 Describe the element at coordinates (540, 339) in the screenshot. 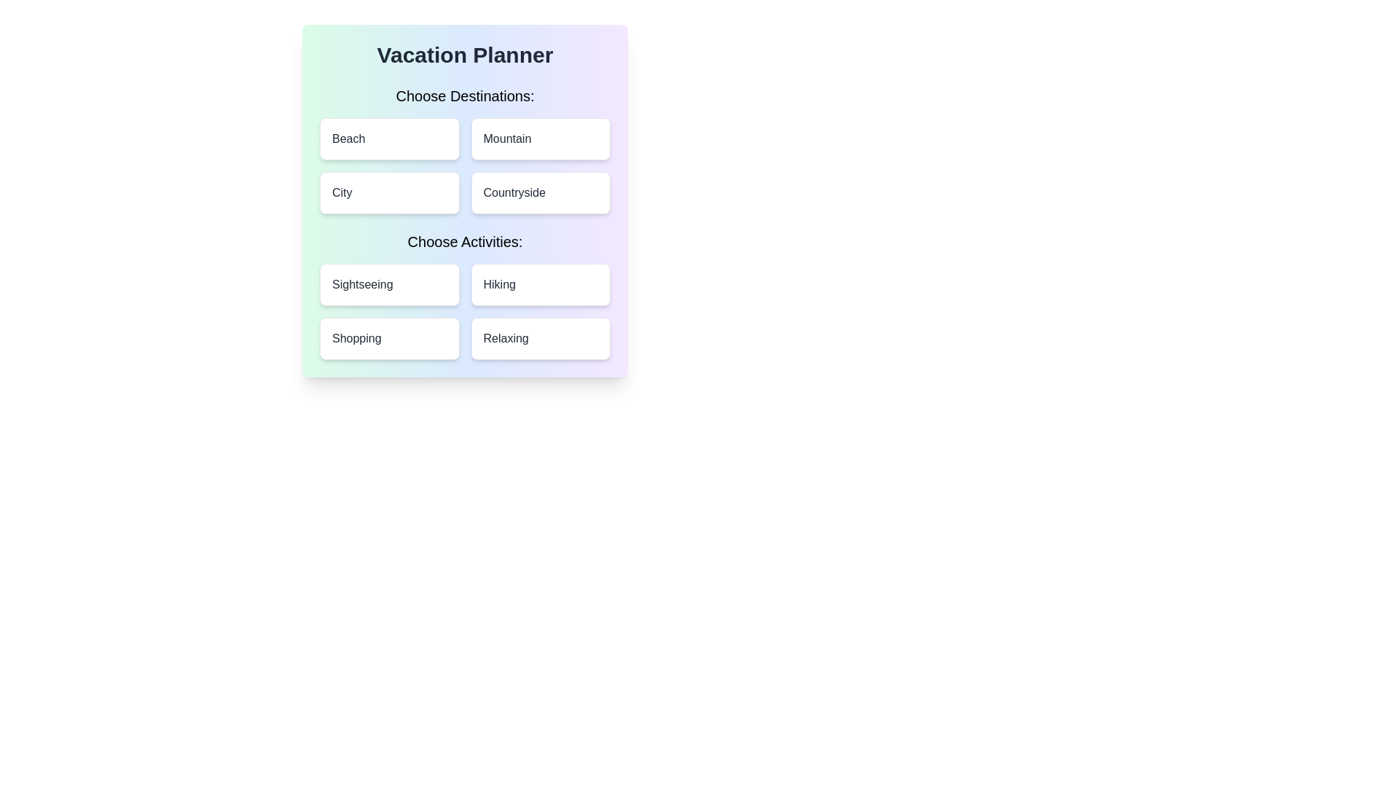

I see `the 'Relaxing' button located in the bottom-right corner of the 'Choose Activities' grid` at that location.